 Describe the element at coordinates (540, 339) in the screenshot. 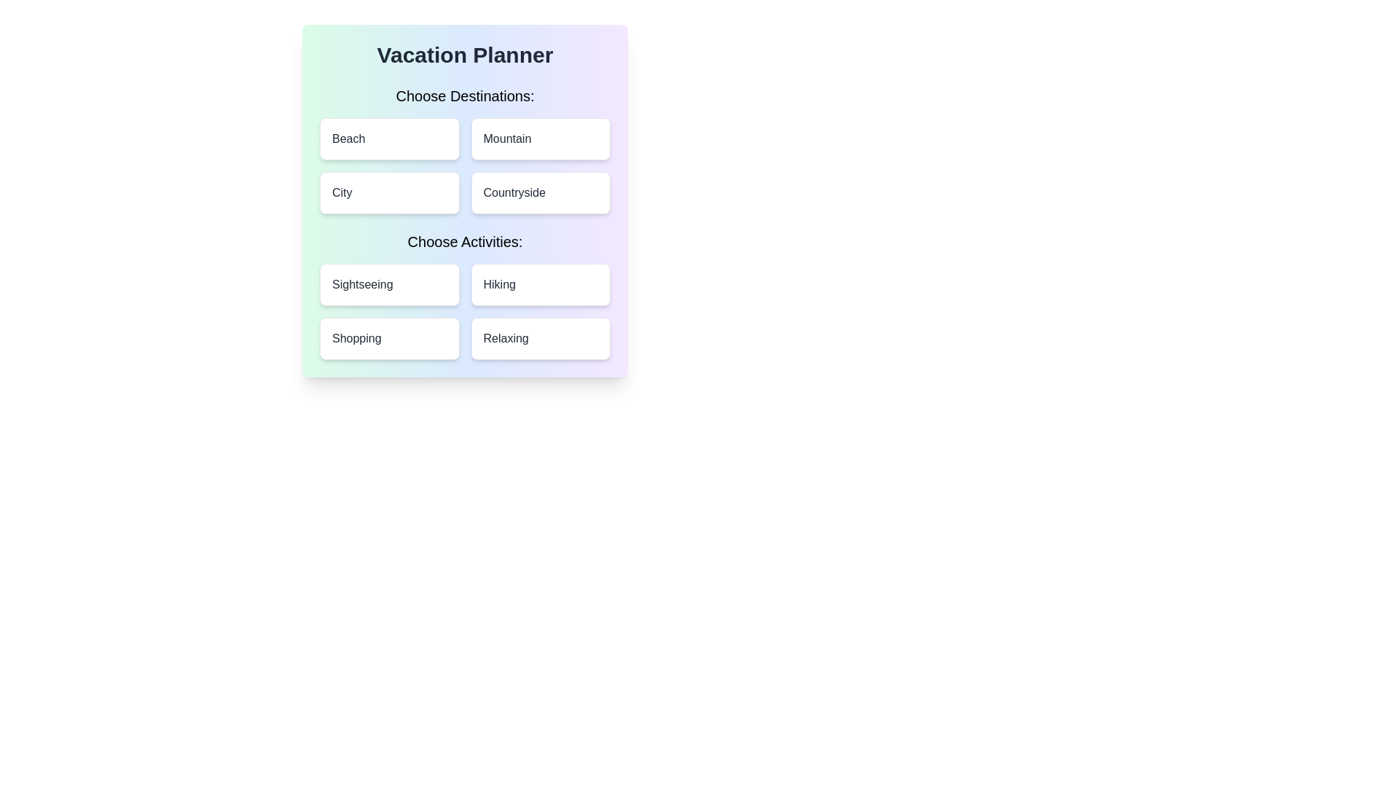

I see `the 'Relaxing' button located in the bottom-right corner of the 'Choose Activities' grid` at that location.